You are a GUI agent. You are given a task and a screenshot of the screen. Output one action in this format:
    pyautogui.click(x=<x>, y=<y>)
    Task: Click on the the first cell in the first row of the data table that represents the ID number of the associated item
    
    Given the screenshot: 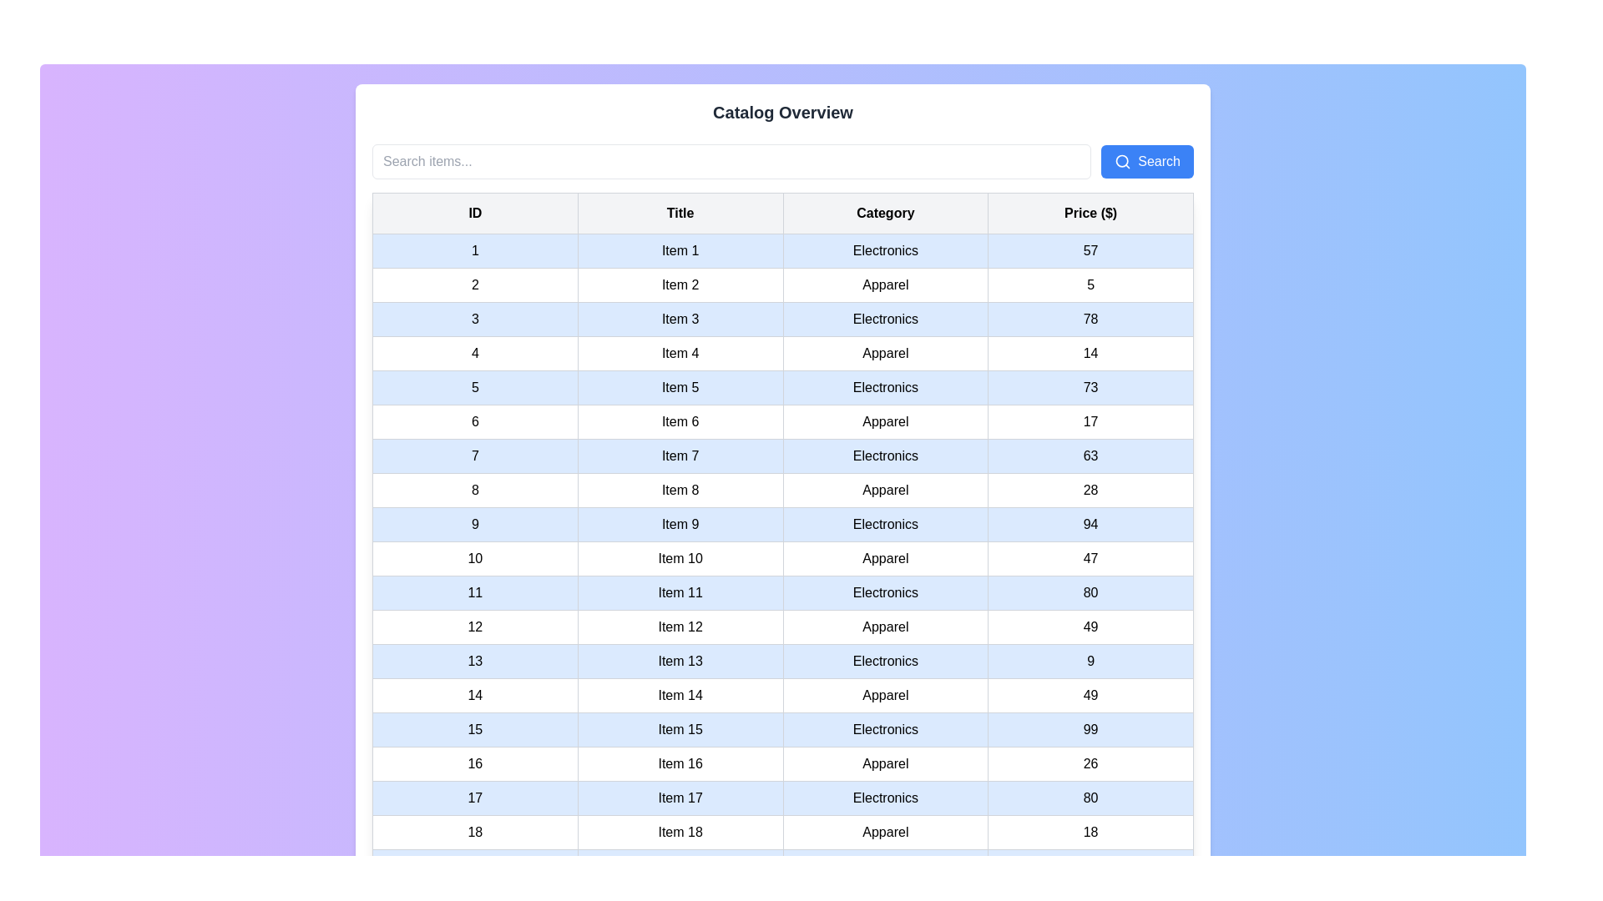 What is the action you would take?
    pyautogui.click(x=474, y=250)
    